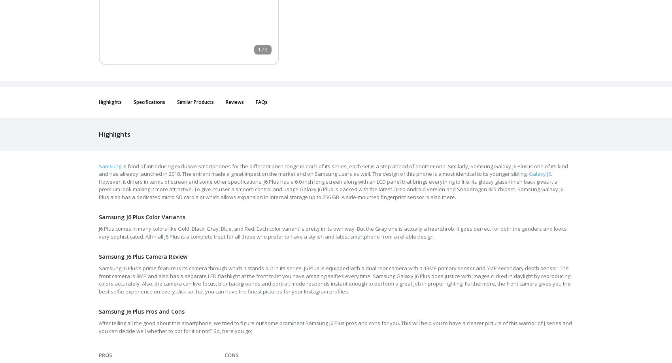 The width and height of the screenshot is (672, 363). Describe the element at coordinates (142, 256) in the screenshot. I see `'Samsung J6 Plus Camera Review'` at that location.